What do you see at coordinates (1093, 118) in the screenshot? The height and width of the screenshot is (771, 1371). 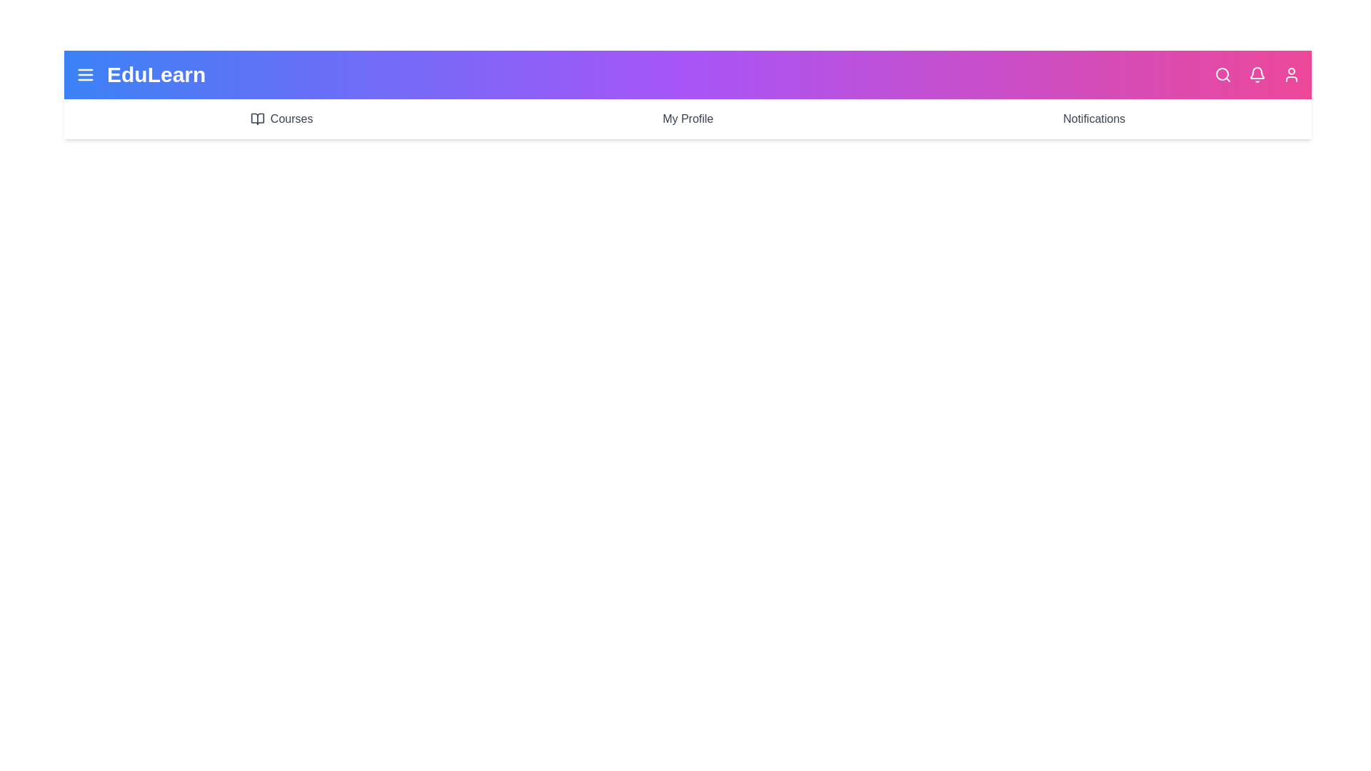 I see `the 'Notifications' label to navigate to the 'Notifications' section` at bounding box center [1093, 118].